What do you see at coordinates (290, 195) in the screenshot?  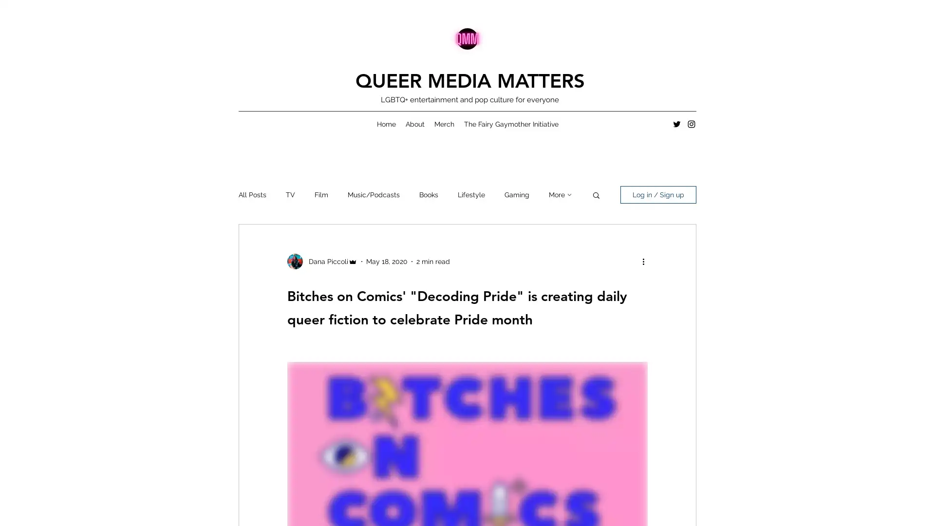 I see `TV` at bounding box center [290, 195].